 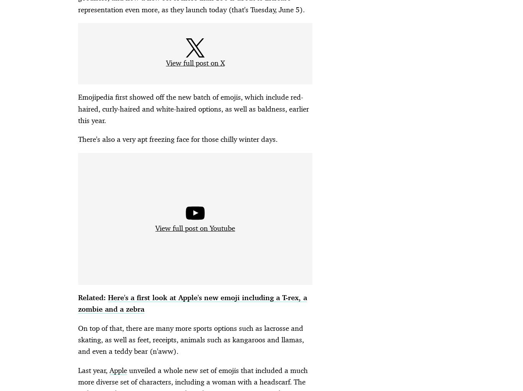 I want to click on 'Doctor Who', so click(x=168, y=371).